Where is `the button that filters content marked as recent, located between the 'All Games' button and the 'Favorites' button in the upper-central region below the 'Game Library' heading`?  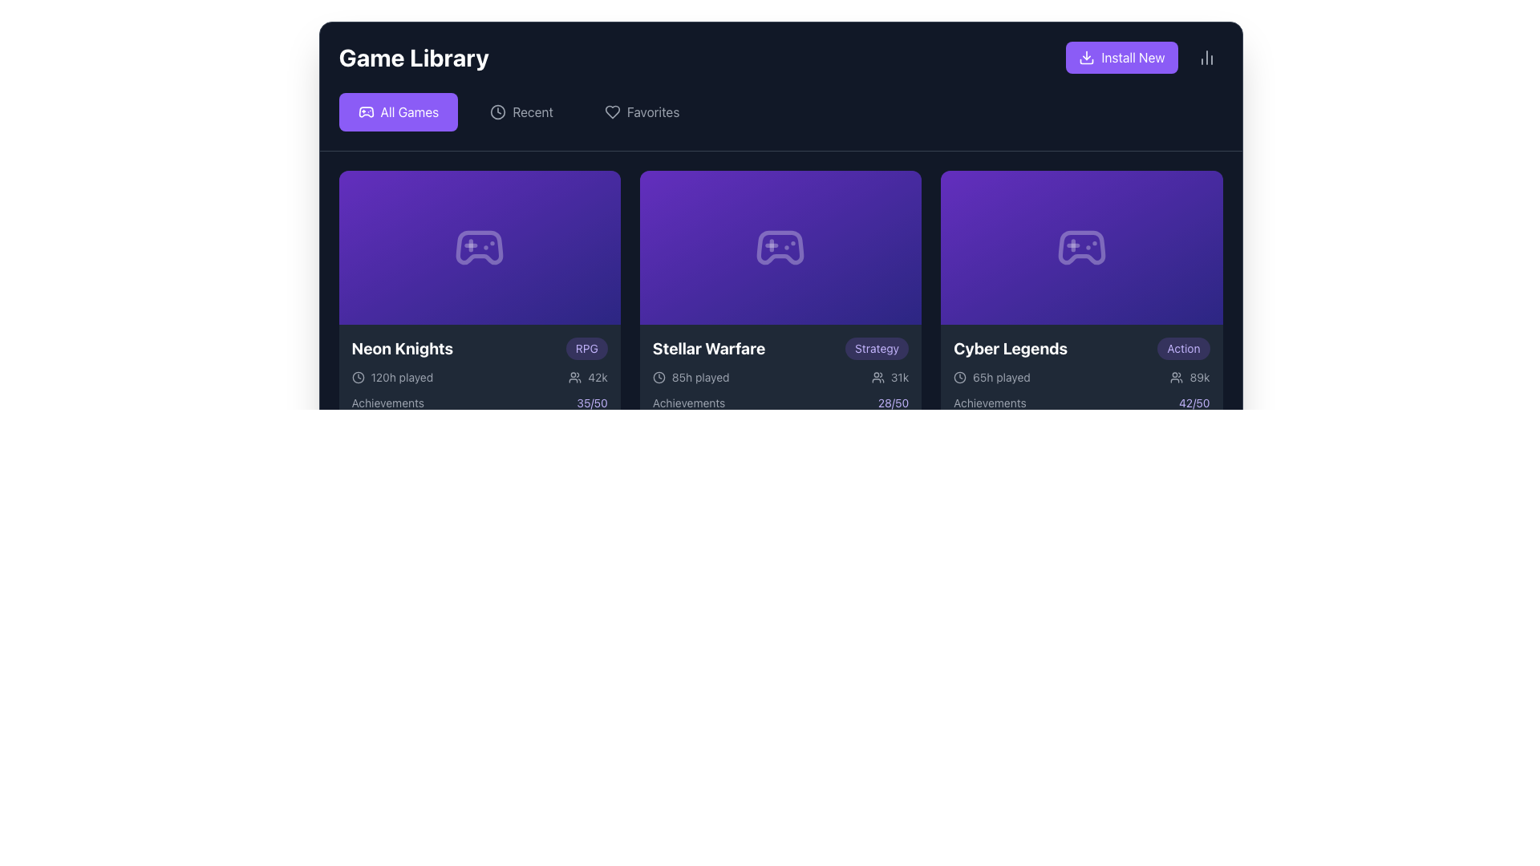
the button that filters content marked as recent, located between the 'All Games' button and the 'Favorites' button in the upper-central region below the 'Game Library' heading is located at coordinates (521, 111).